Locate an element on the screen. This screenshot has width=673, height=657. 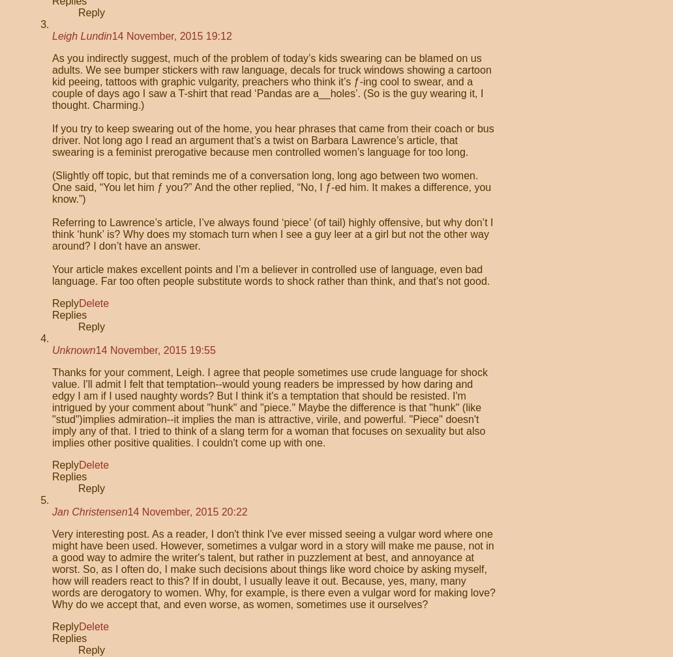
'(Slightly off topic, but that reminds me of a conversation long, long ago between two women. One said, “You let him ƒ you?” And the other replied, “No, I ƒ-ed him. It makes a difference, you know.”)' is located at coordinates (271, 187).